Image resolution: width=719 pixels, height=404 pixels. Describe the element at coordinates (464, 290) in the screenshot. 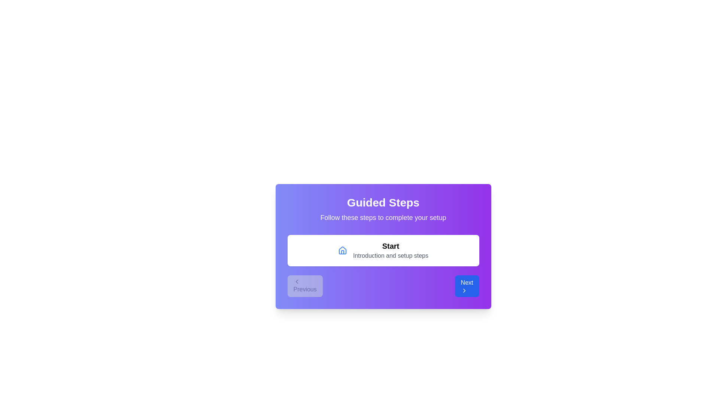

I see `the chevron icon within the 'Next' button located at the bottom right corner of the centered modal` at that location.